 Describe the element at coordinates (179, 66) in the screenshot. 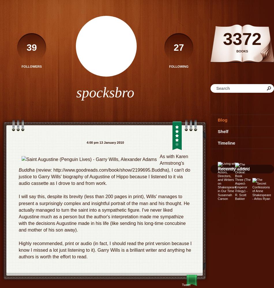

I see `'Following'` at that location.